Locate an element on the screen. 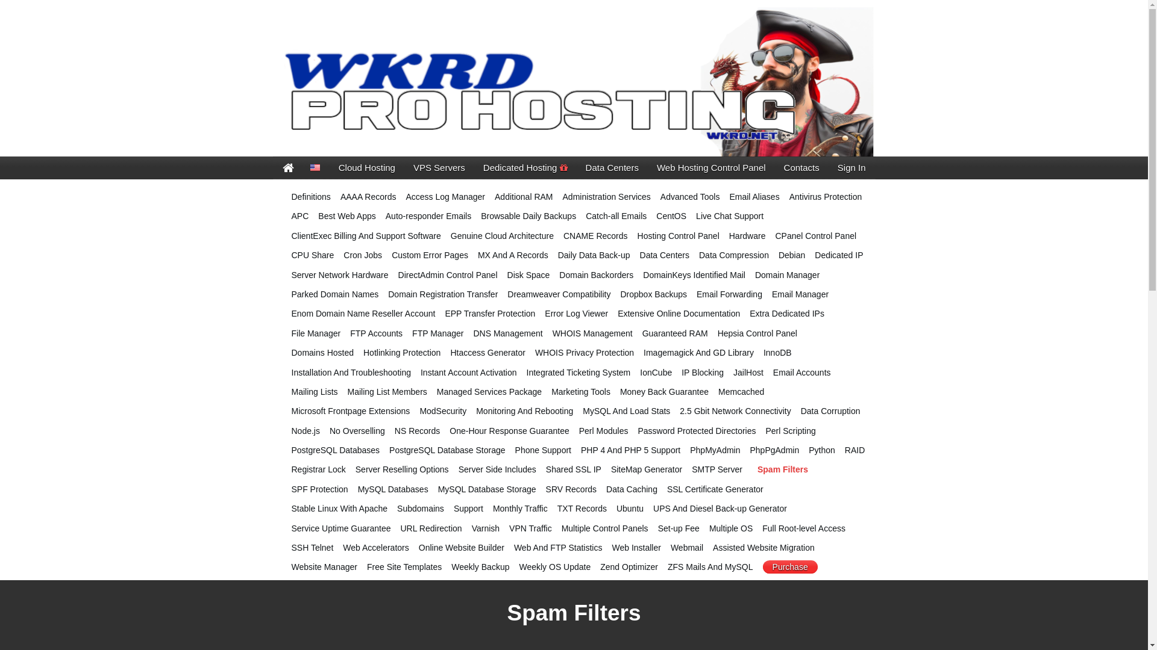  'InnoDB' is located at coordinates (777, 352).